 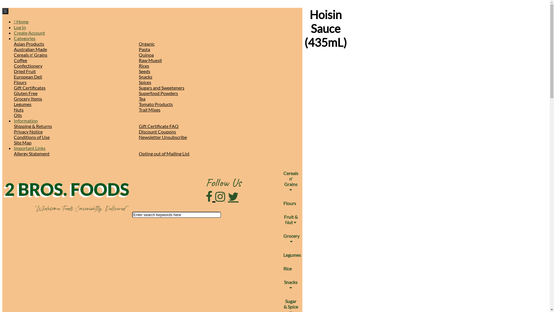 I want to click on 'Information', so click(x=25, y=120).